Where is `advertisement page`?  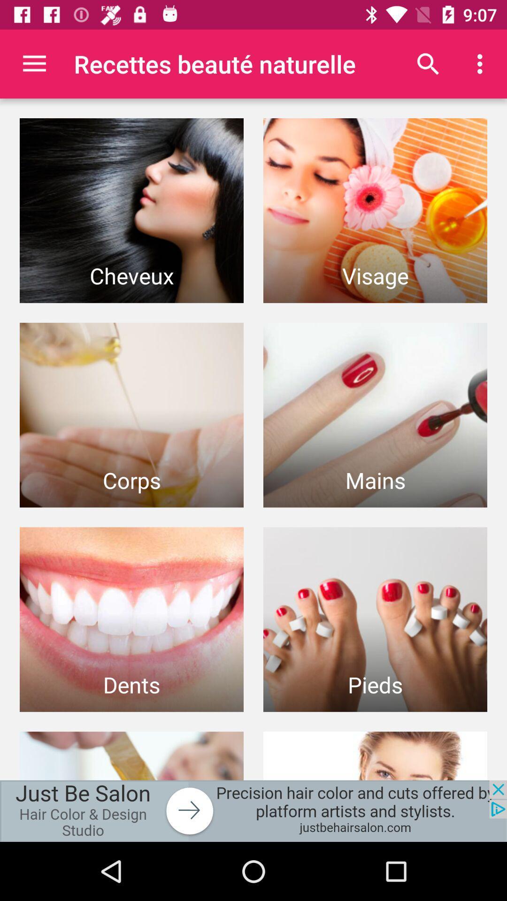 advertisement page is located at coordinates (253, 810).